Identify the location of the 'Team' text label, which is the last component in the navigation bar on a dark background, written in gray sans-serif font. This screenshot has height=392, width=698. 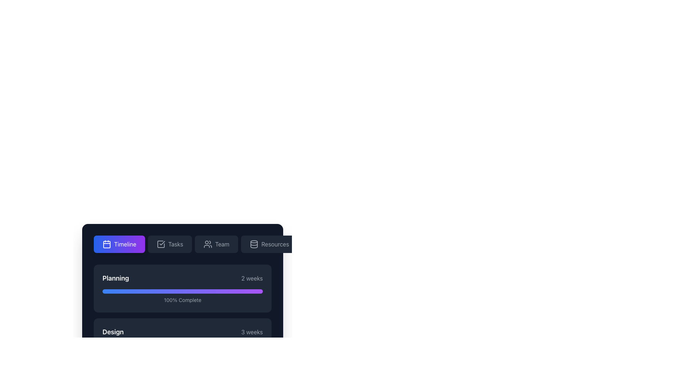
(222, 244).